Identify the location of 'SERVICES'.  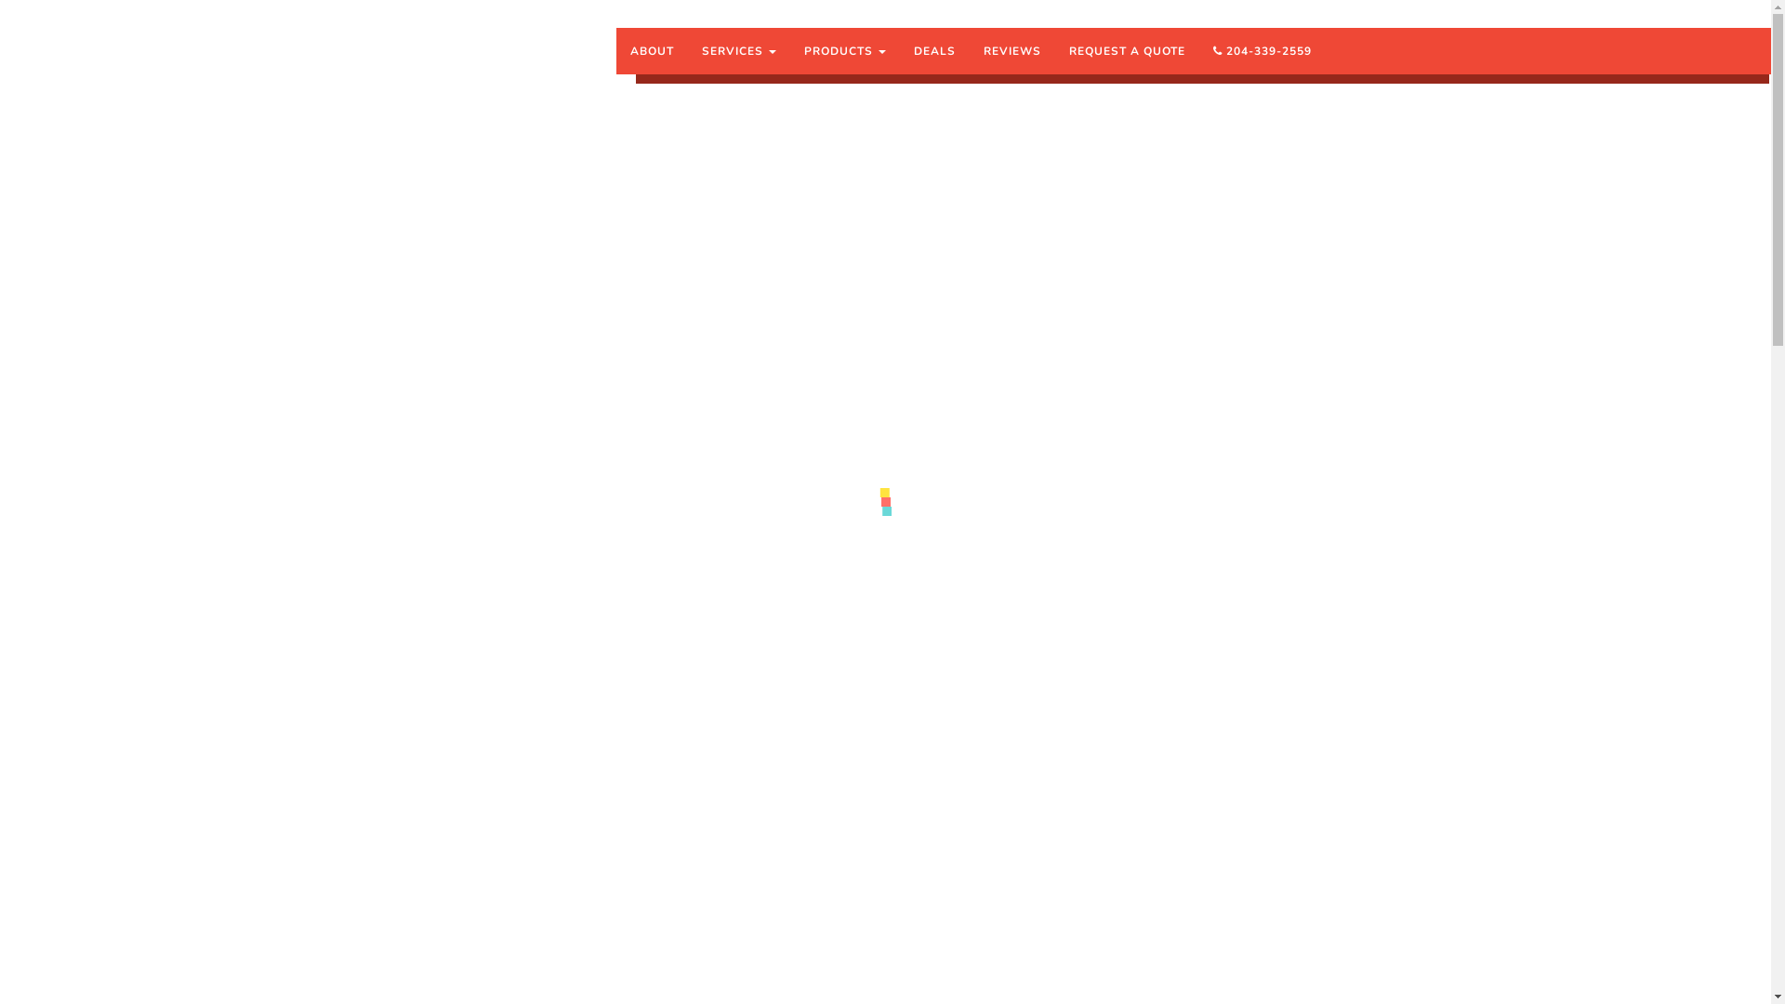
(738, 49).